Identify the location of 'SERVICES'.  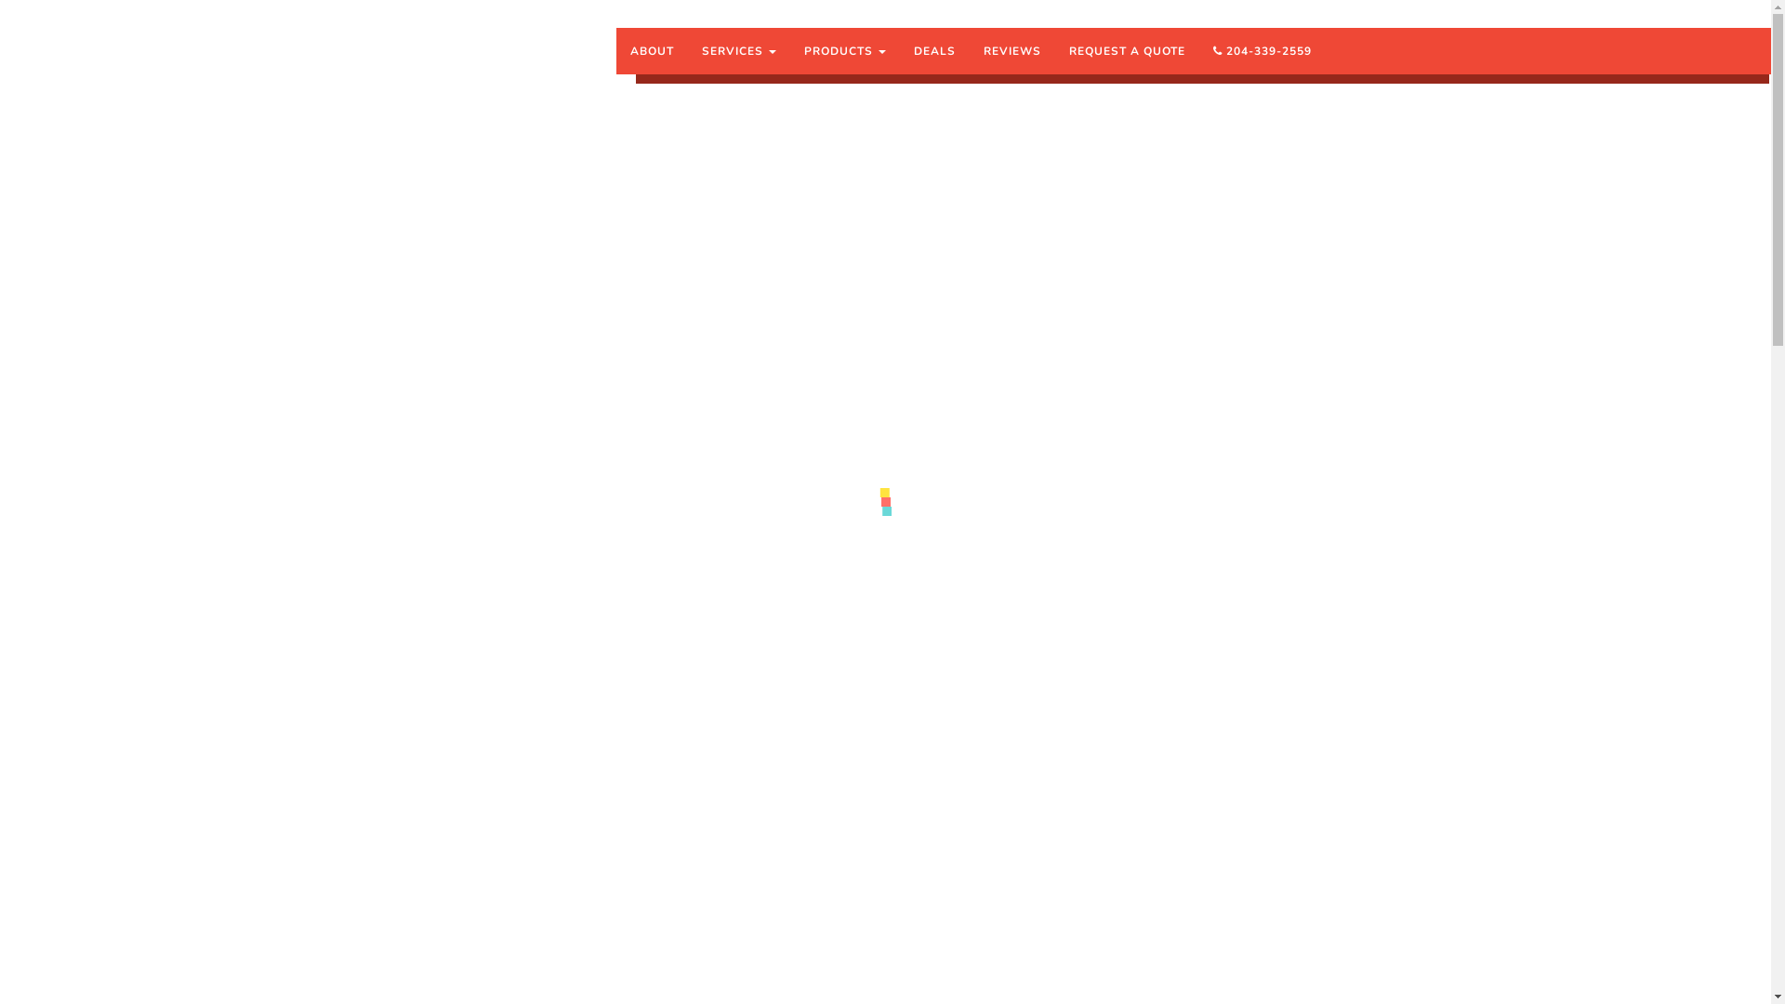
(738, 49).